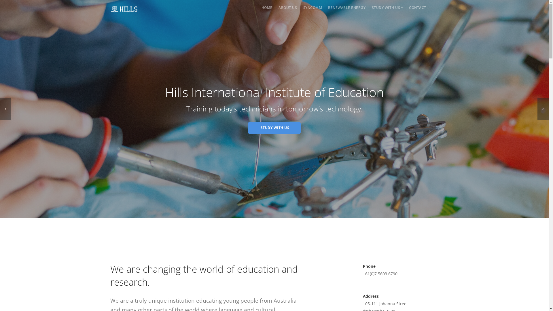 This screenshot has height=311, width=553. What do you see at coordinates (274, 127) in the screenshot?
I see `' STUDY WITH US'` at bounding box center [274, 127].